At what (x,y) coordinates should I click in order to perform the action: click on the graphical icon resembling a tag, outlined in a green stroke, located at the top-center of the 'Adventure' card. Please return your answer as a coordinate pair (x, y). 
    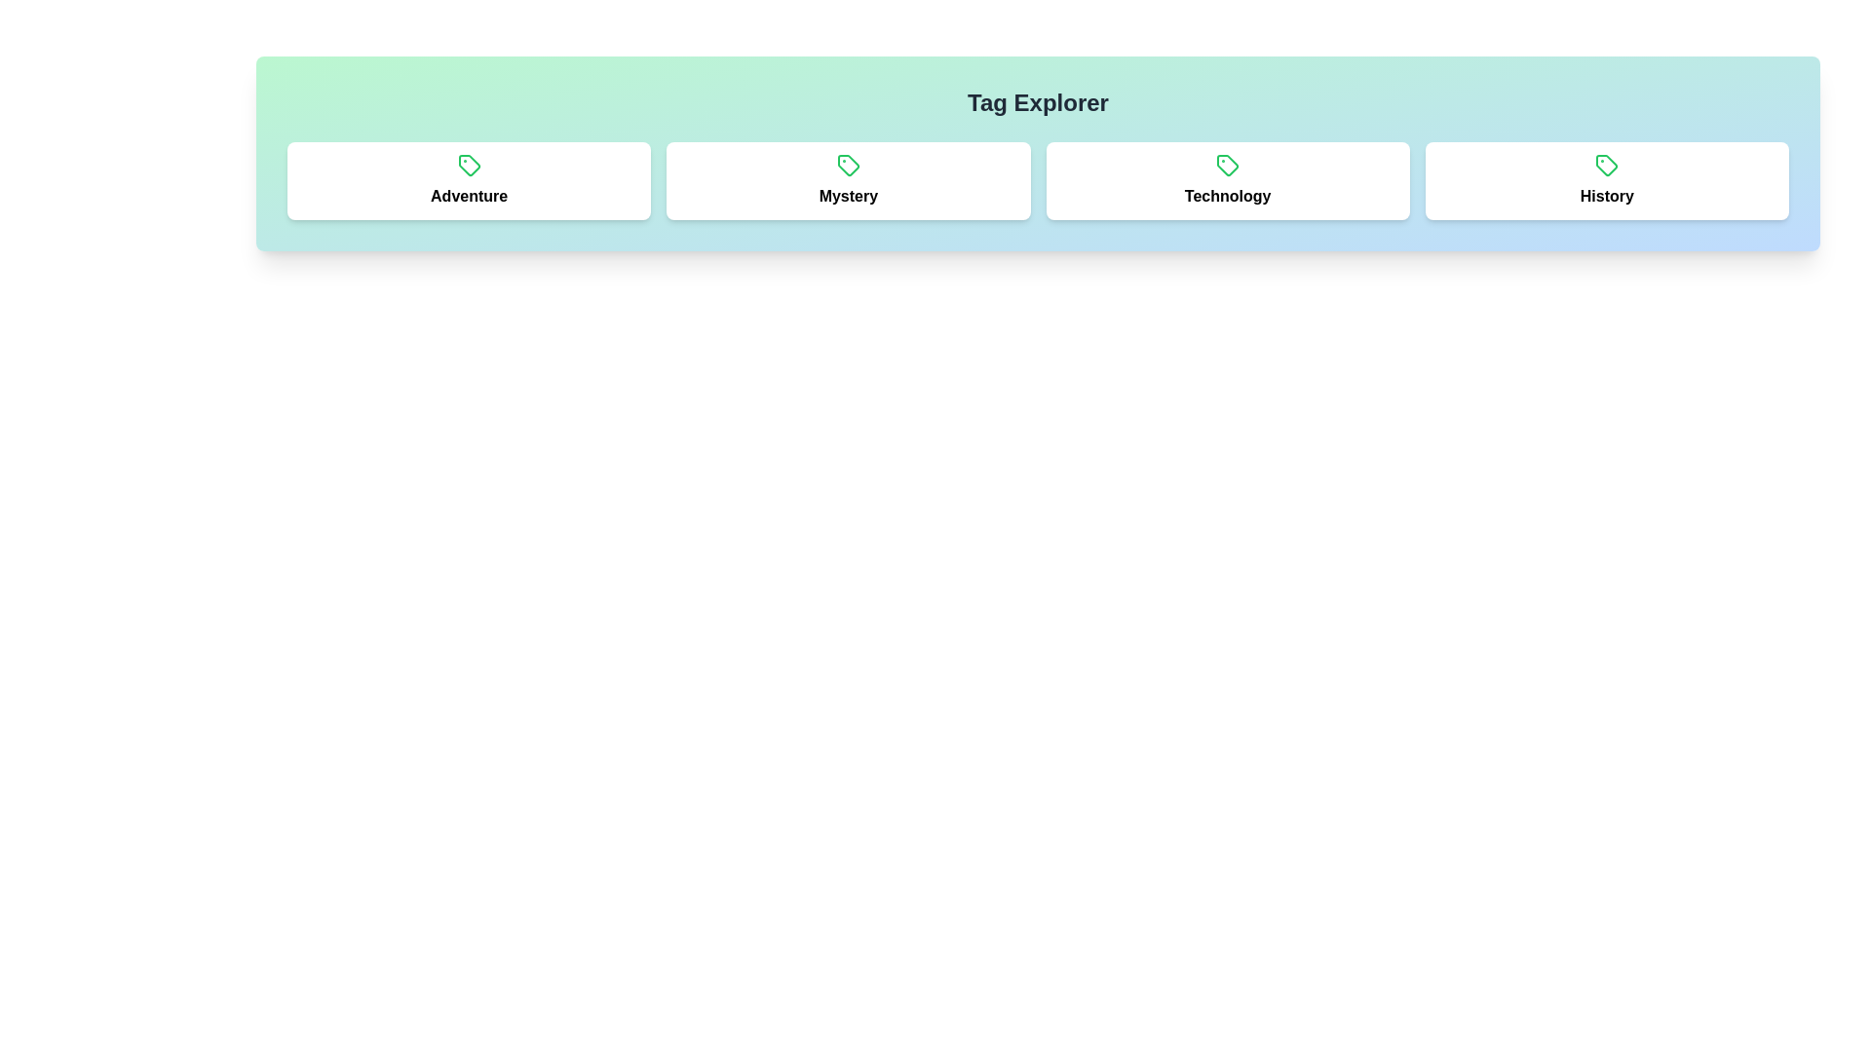
    Looking at the image, I should click on (469, 164).